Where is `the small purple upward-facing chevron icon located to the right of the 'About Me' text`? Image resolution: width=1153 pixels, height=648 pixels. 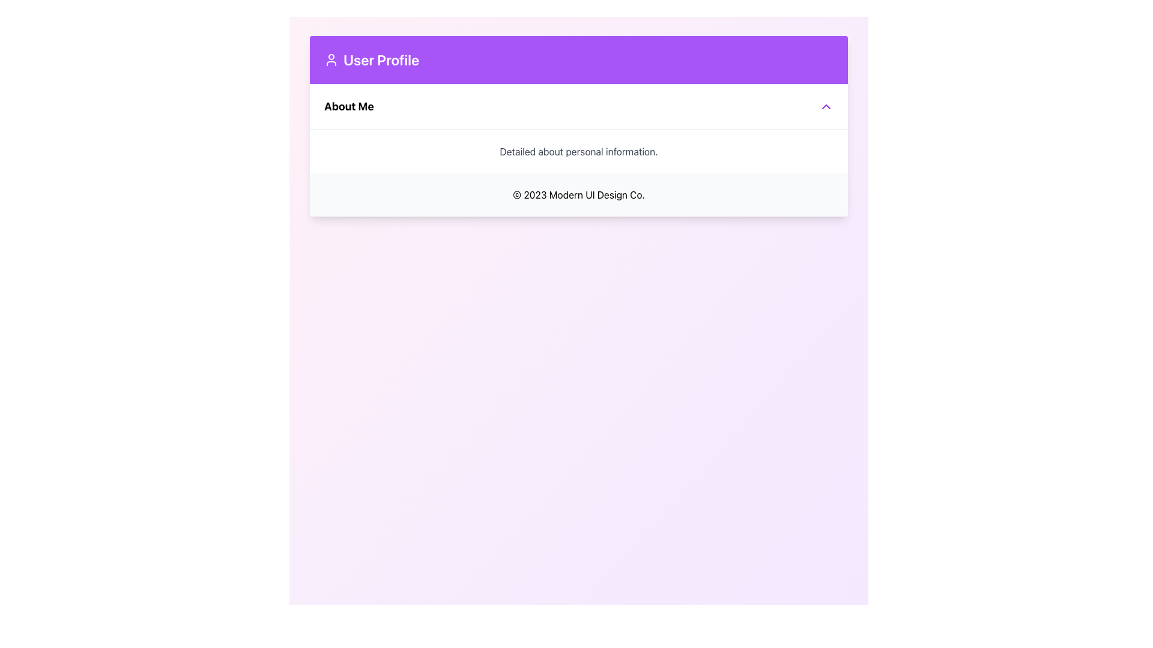 the small purple upward-facing chevron icon located to the right of the 'About Me' text is located at coordinates (826, 106).